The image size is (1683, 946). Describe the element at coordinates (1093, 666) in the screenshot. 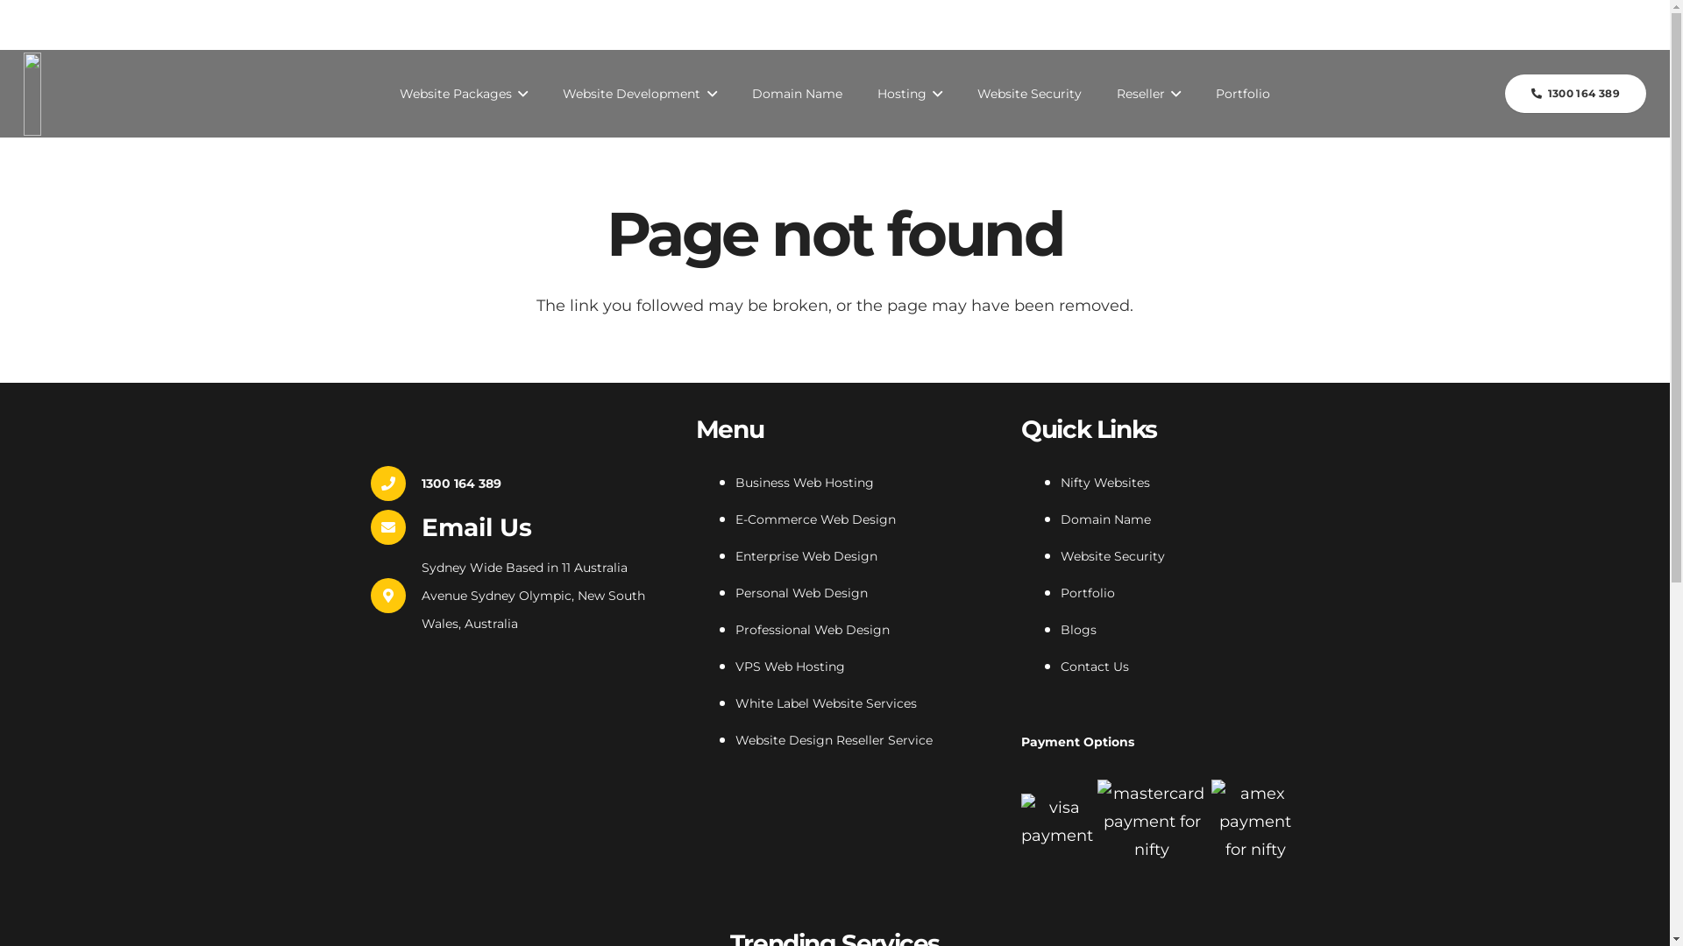

I see `'Contact Us'` at that location.